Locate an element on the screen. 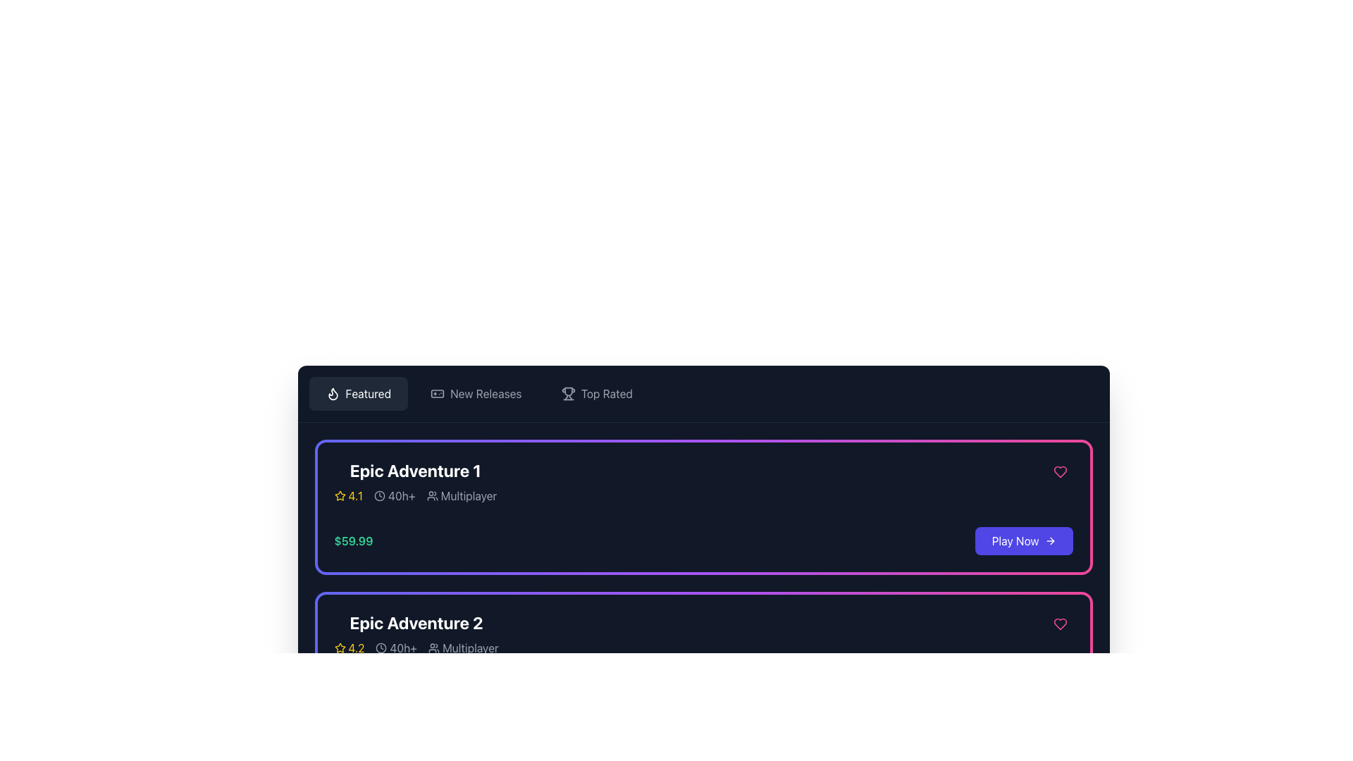 The image size is (1353, 761). the label displaying '40h+' which is styled in gray and is part of the game information card layout is located at coordinates (395, 648).